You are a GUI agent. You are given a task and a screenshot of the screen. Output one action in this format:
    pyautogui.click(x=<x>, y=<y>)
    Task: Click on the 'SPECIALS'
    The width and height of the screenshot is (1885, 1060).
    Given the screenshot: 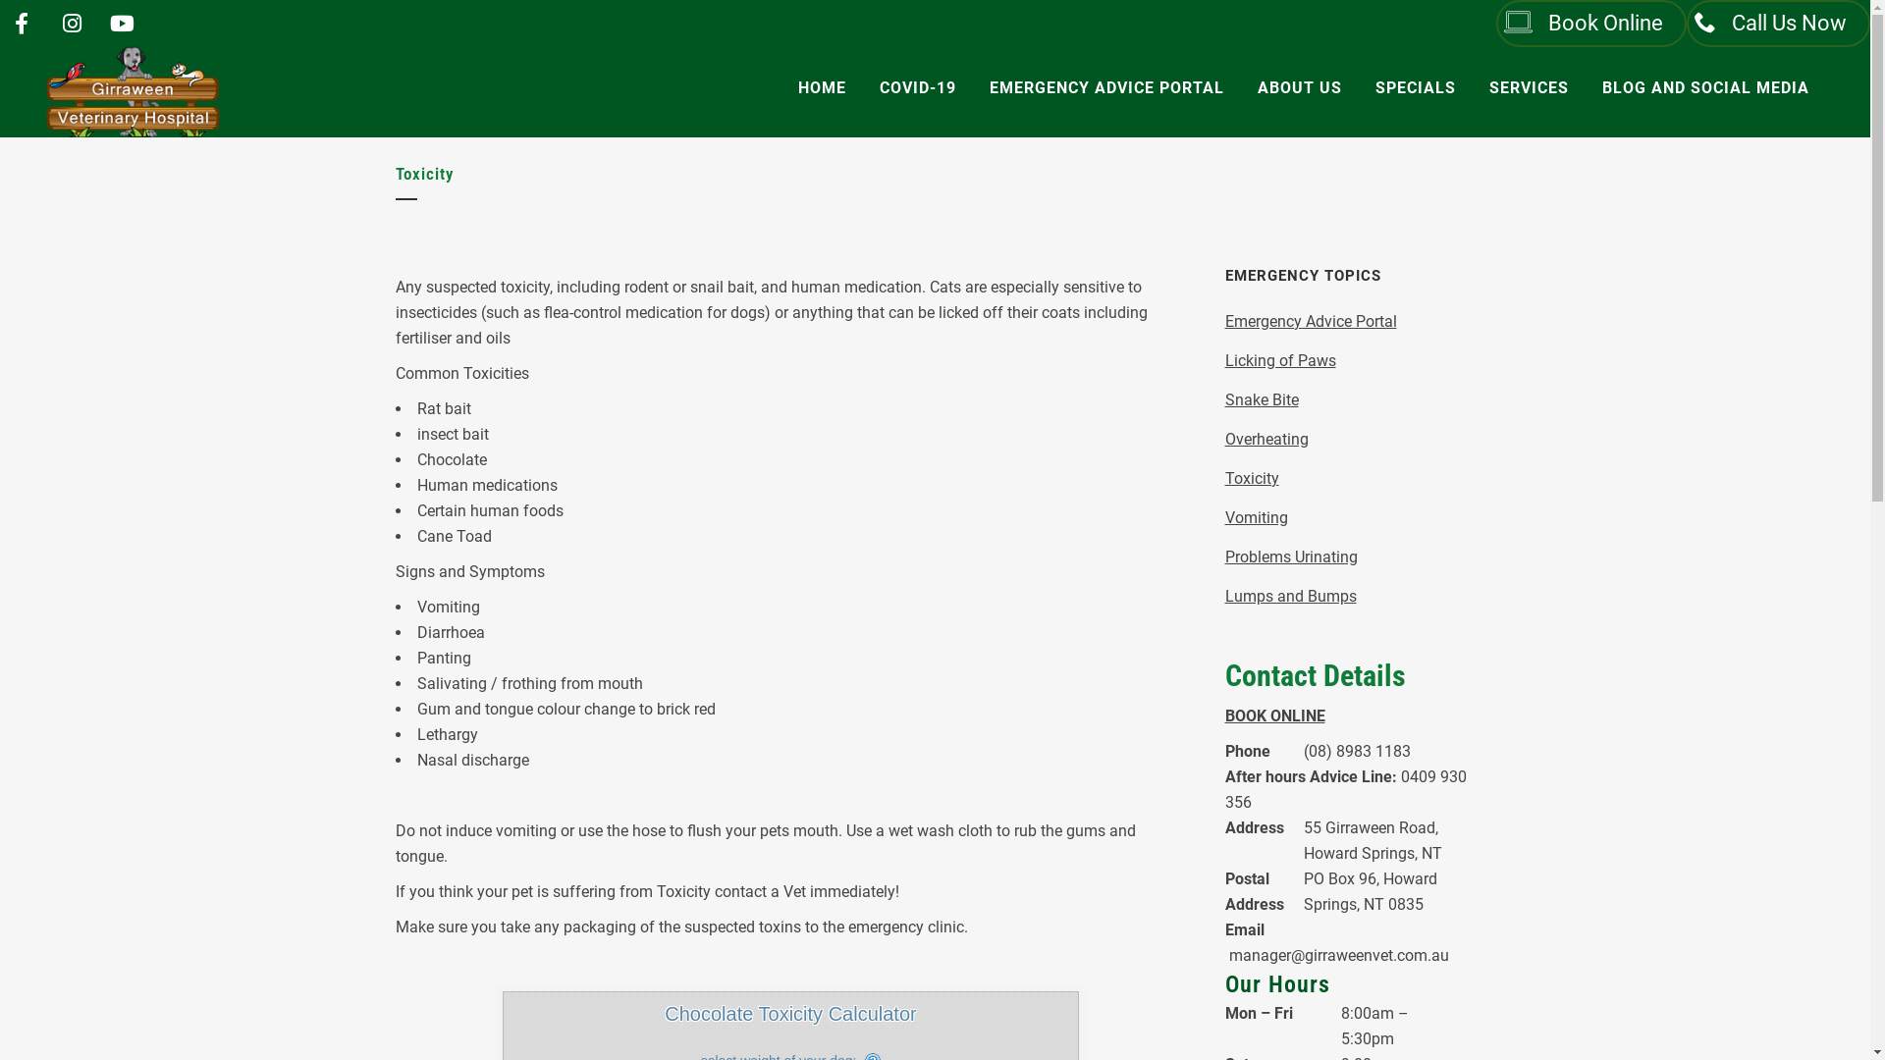 What is the action you would take?
    pyautogui.click(x=1415, y=86)
    